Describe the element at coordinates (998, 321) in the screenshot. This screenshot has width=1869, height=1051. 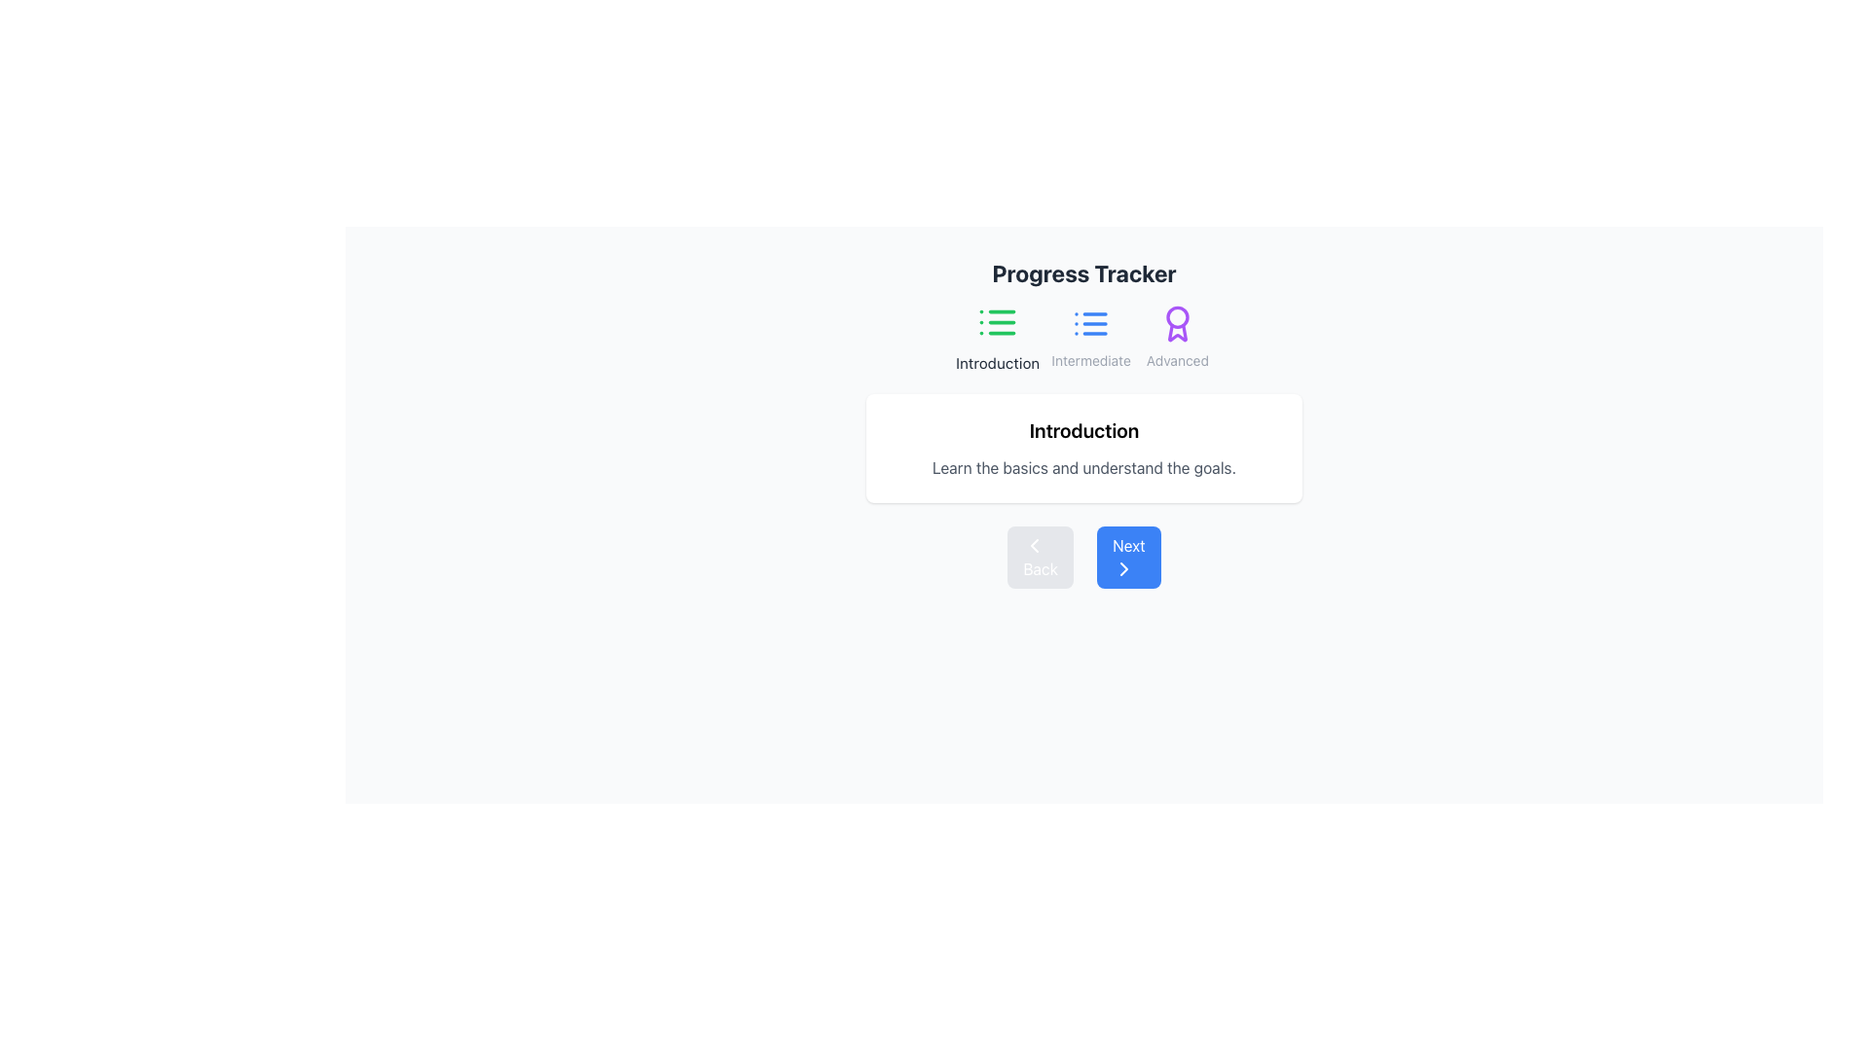
I see `the first icon in the progress tracker system` at that location.